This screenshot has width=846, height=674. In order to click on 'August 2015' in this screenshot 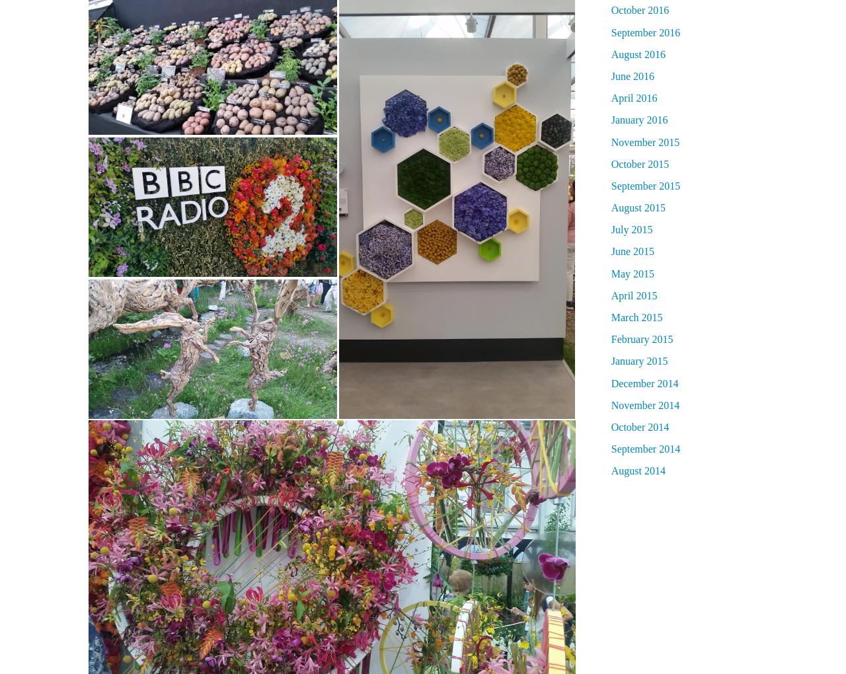, I will do `click(638, 207)`.